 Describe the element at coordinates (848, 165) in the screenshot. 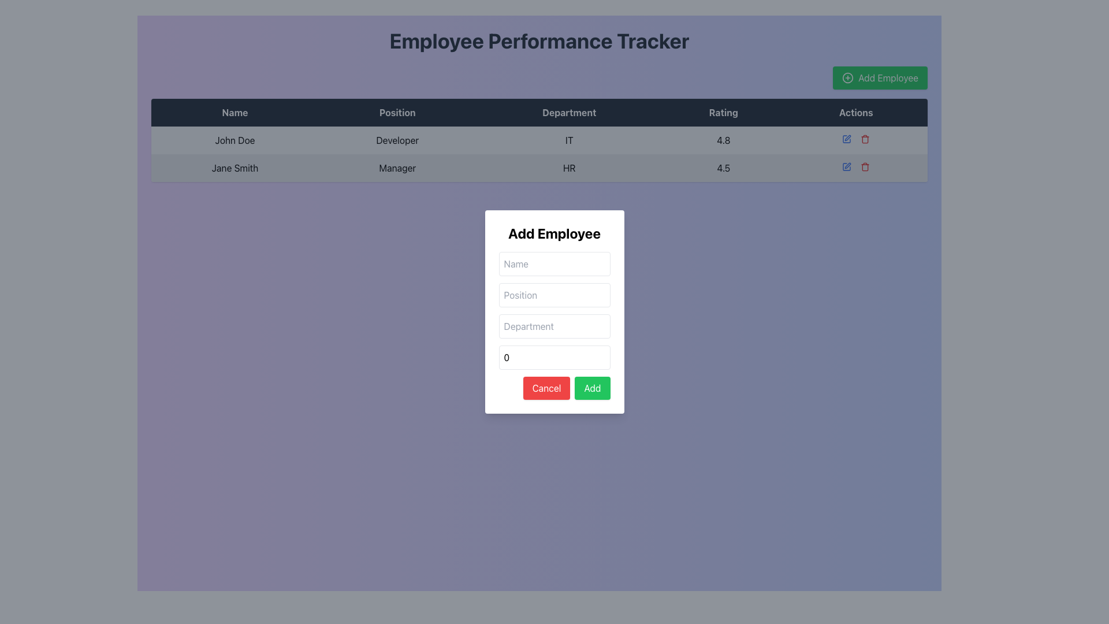

I see `the pen-shaped icon located in the second row of the actions column within the interactive table` at that location.